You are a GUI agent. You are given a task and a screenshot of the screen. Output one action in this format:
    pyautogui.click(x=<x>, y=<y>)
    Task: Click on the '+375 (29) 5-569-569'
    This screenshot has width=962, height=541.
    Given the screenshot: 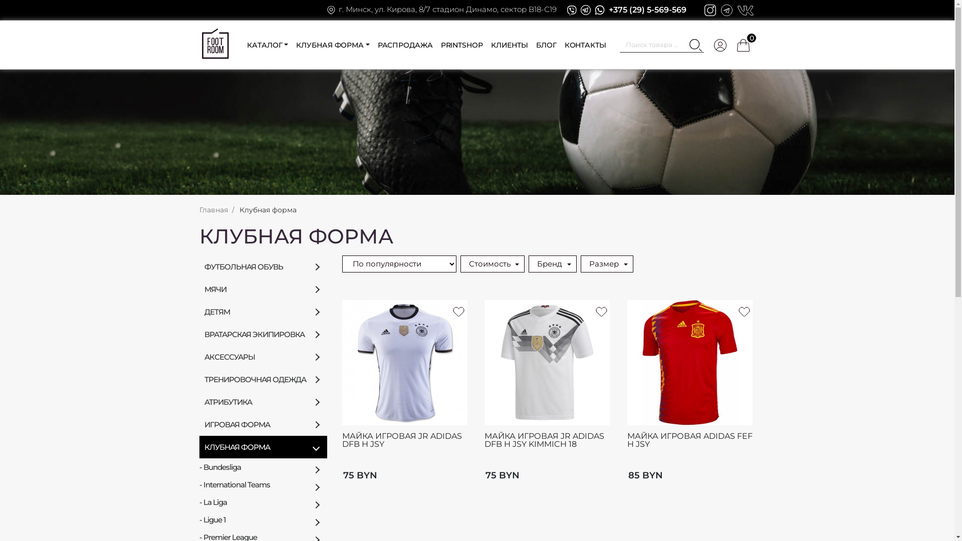 What is the action you would take?
    pyautogui.click(x=647, y=10)
    